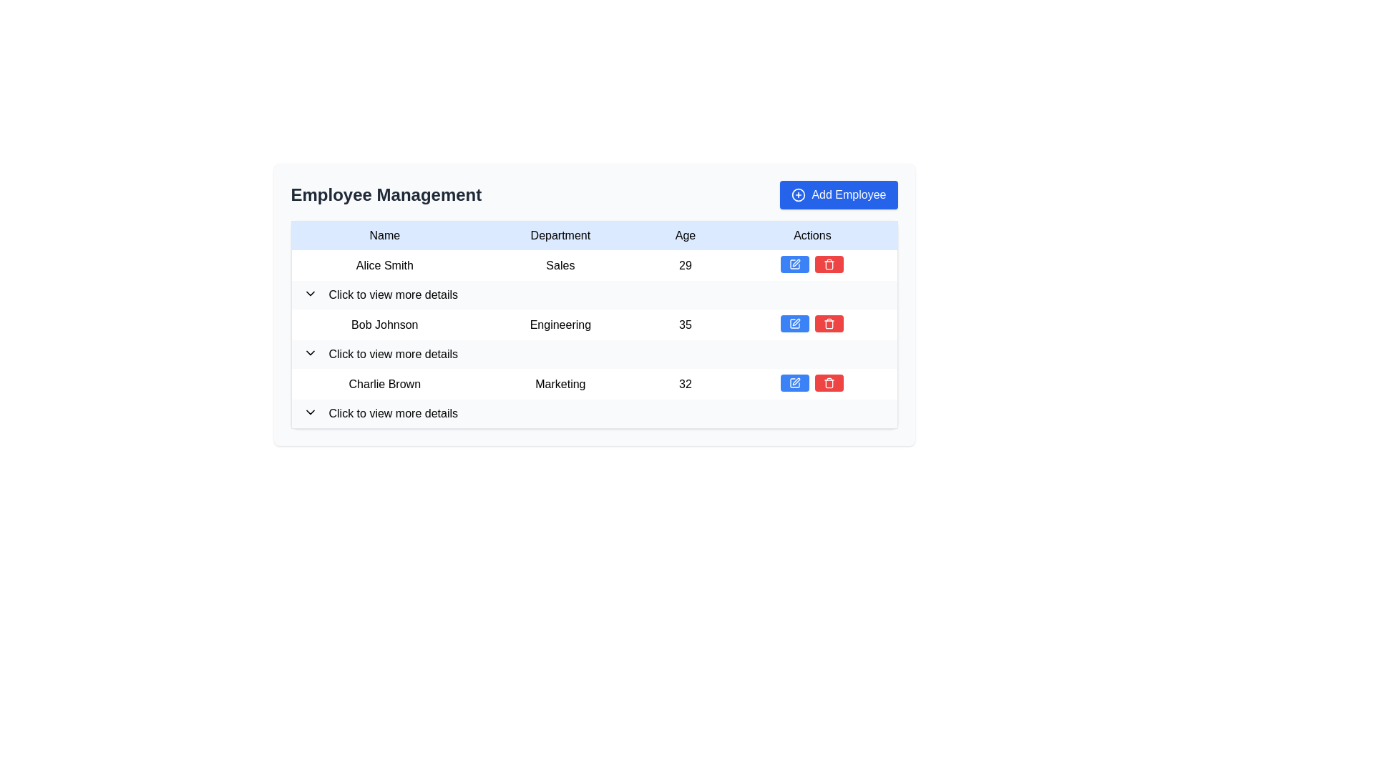 Image resolution: width=1374 pixels, height=772 pixels. Describe the element at coordinates (685, 382) in the screenshot. I see `the text label displaying '32' in bold black font under the 'Age' column for Charlie Brown` at that location.